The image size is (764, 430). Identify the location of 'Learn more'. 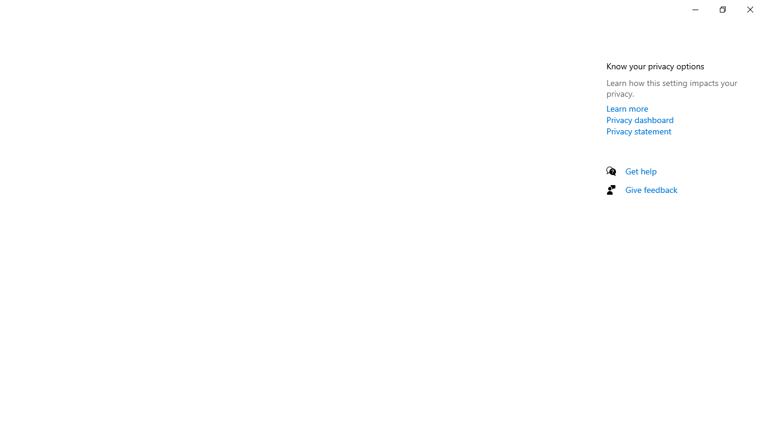
(627, 108).